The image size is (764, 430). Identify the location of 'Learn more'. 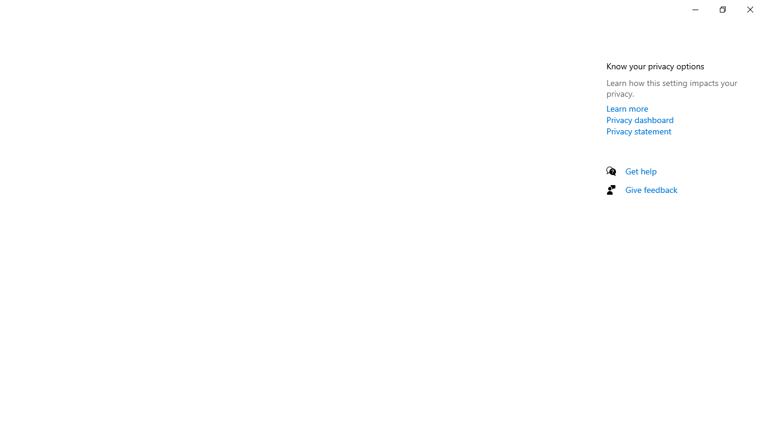
(627, 108).